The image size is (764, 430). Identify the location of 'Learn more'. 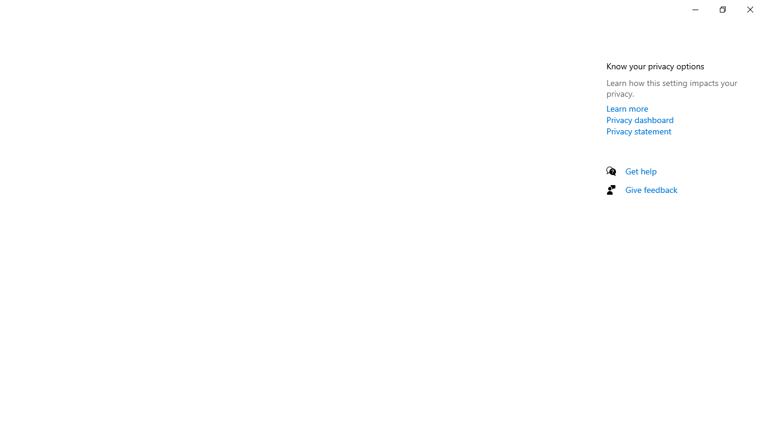
(627, 108).